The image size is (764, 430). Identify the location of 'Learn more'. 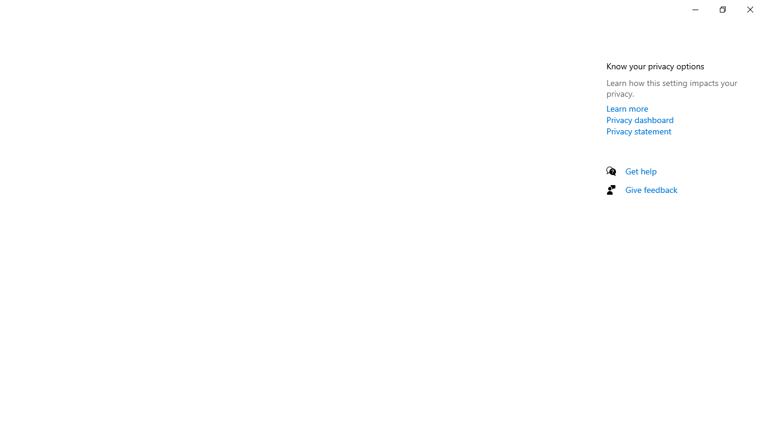
(627, 108).